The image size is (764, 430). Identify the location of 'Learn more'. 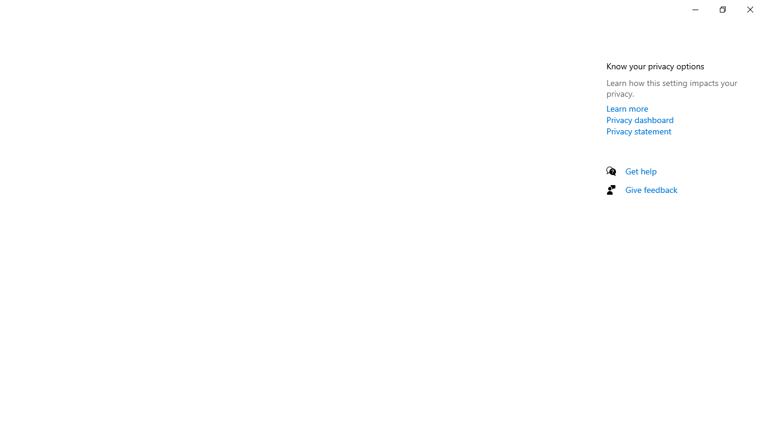
(627, 108).